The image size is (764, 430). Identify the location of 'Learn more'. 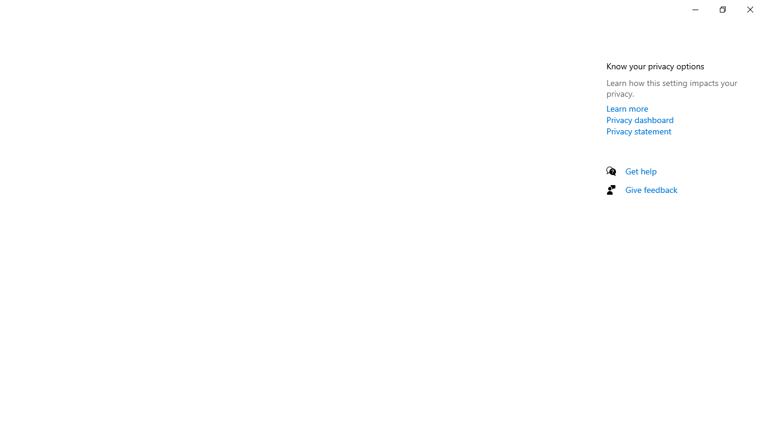
(627, 108).